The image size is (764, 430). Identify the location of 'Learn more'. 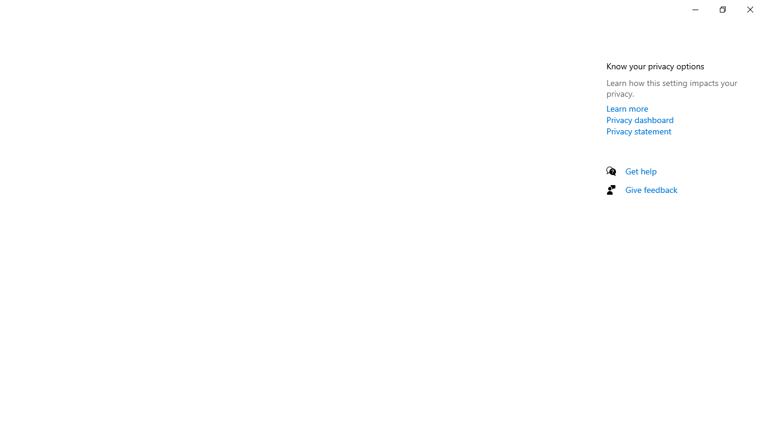
(627, 108).